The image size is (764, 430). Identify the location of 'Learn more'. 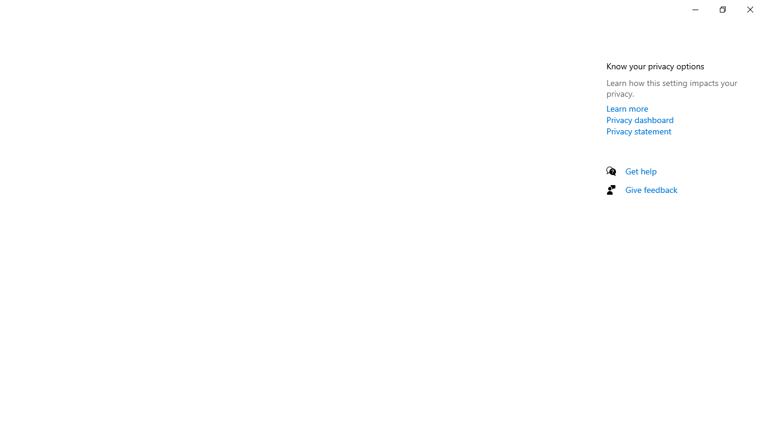
(627, 108).